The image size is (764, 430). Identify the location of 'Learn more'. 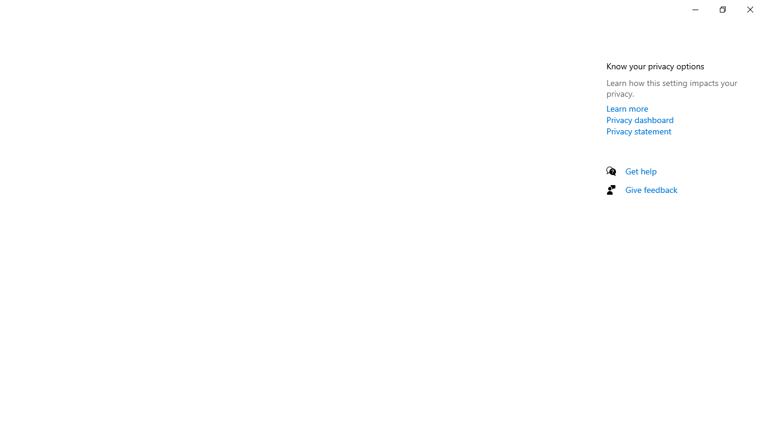
(627, 108).